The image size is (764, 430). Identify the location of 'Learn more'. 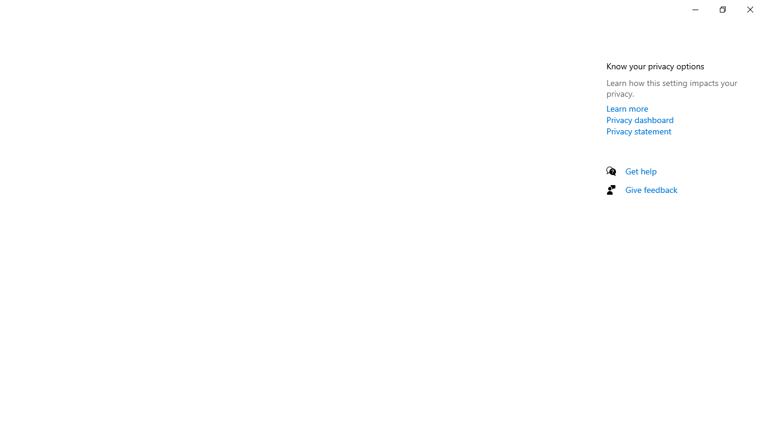
(627, 108).